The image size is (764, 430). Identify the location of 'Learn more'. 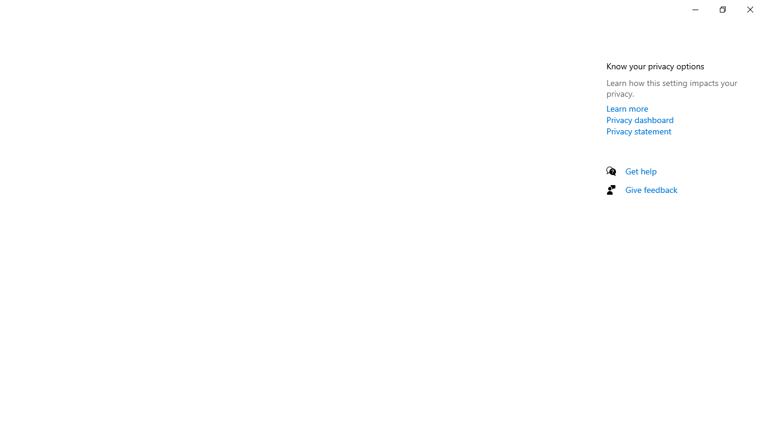
(627, 108).